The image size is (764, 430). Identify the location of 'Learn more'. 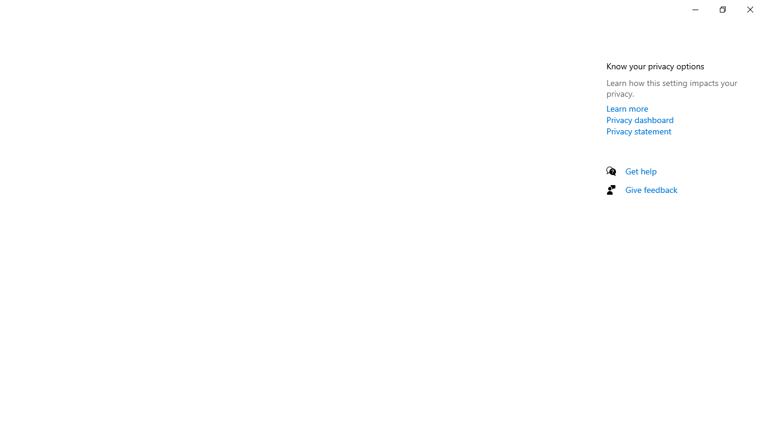
(627, 108).